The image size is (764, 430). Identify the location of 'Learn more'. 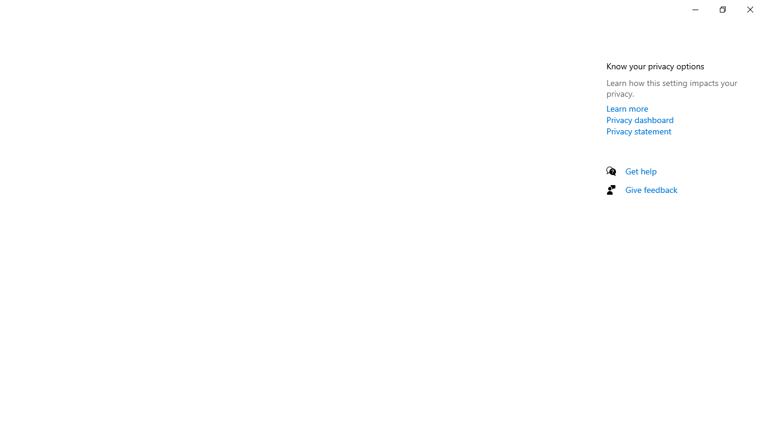
(627, 108).